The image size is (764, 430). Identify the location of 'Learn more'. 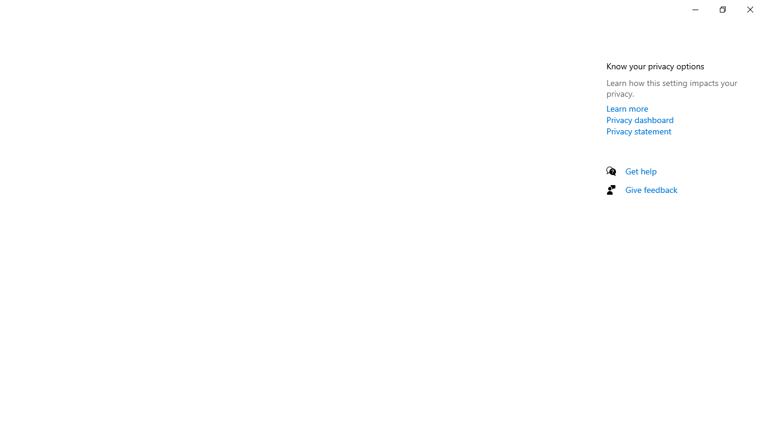
(627, 108).